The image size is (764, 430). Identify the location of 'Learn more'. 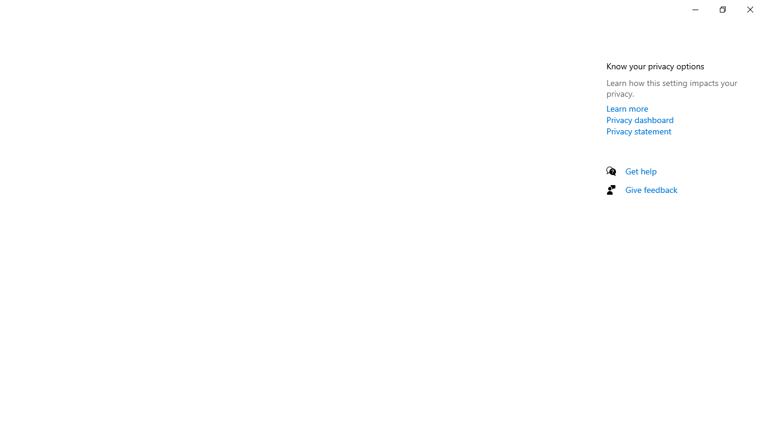
(627, 108).